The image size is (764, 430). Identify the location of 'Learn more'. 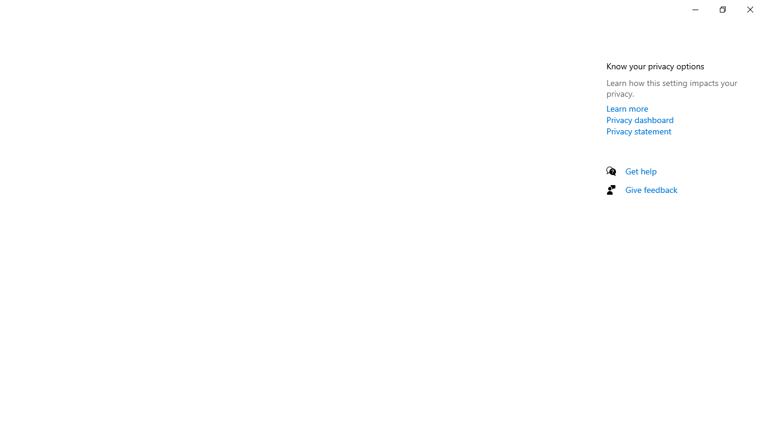
(627, 108).